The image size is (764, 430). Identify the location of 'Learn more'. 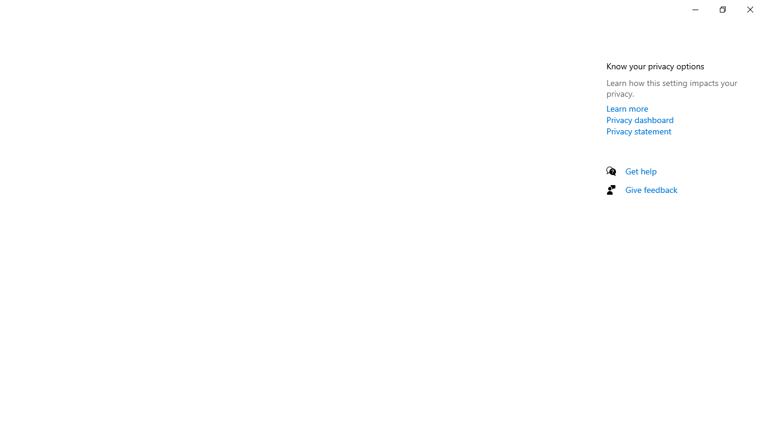
(627, 108).